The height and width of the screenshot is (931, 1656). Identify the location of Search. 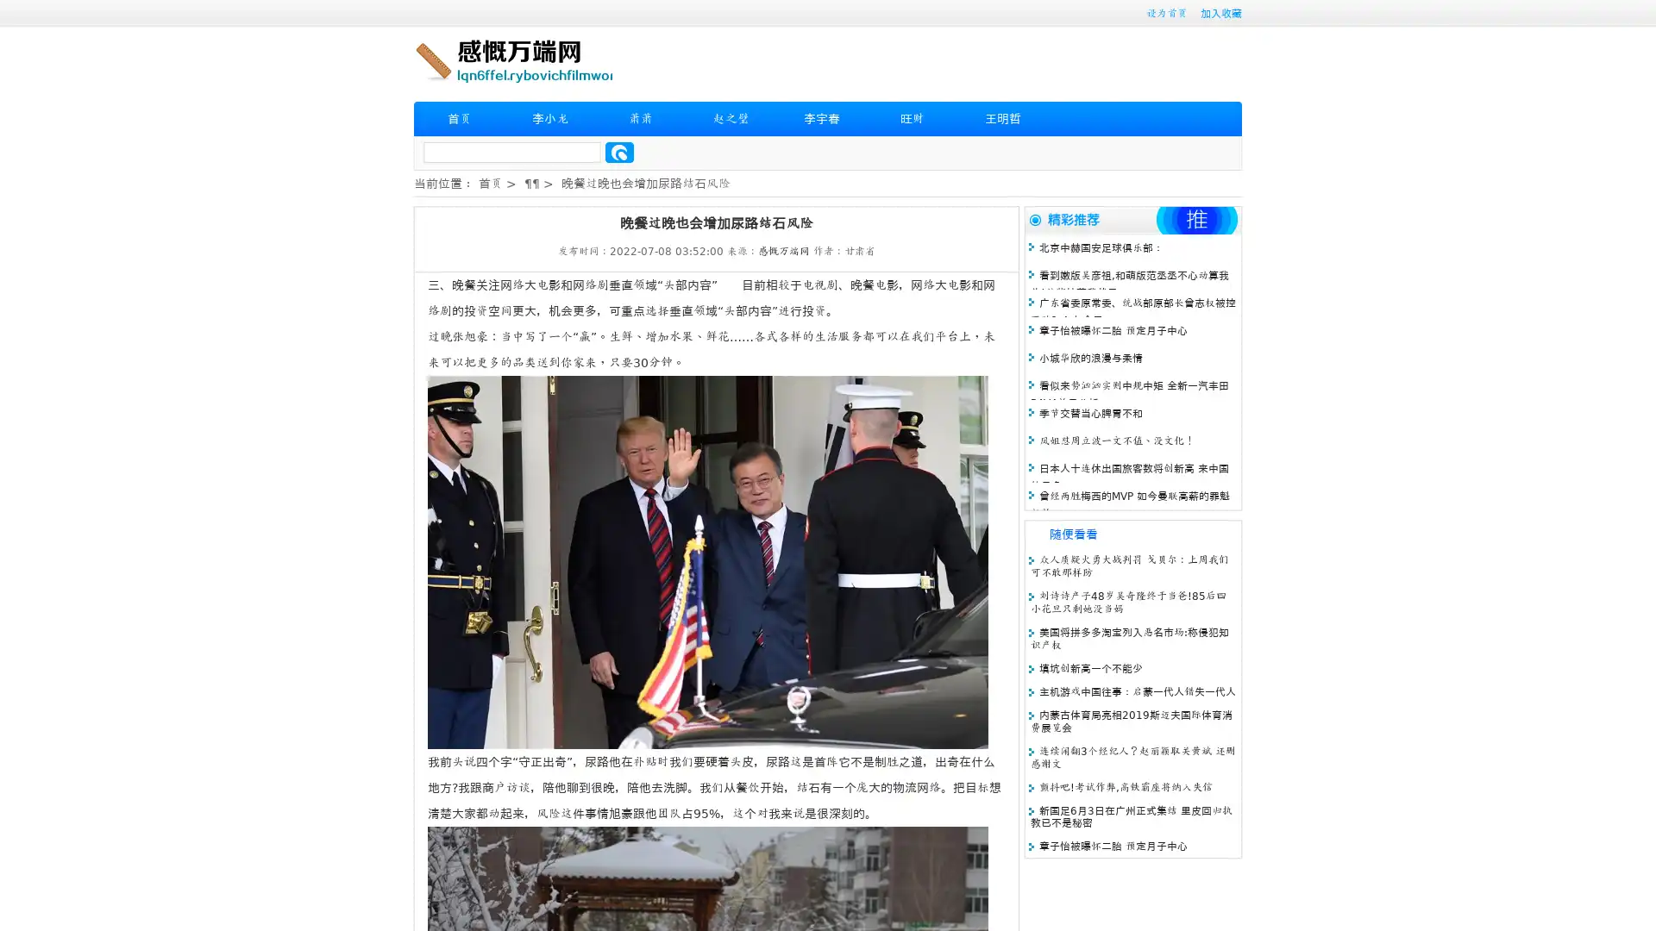
(619, 152).